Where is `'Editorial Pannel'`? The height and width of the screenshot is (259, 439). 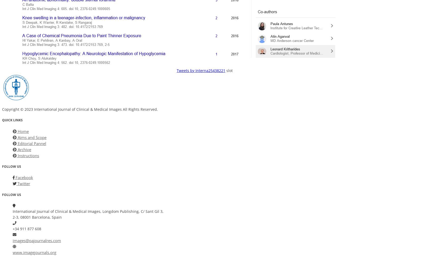 'Editorial Pannel' is located at coordinates (16, 143).